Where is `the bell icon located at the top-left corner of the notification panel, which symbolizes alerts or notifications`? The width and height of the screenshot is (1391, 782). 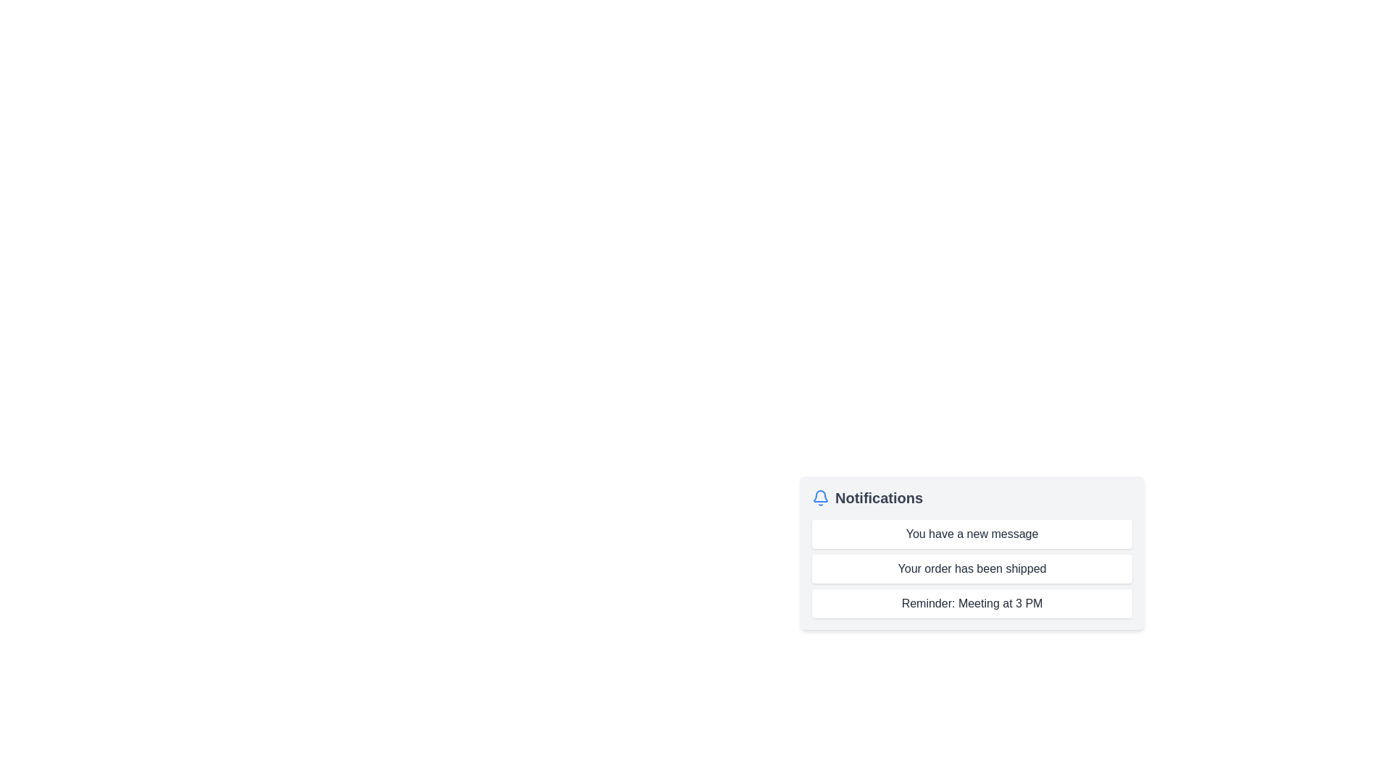
the bell icon located at the top-left corner of the notification panel, which symbolizes alerts or notifications is located at coordinates (820, 495).